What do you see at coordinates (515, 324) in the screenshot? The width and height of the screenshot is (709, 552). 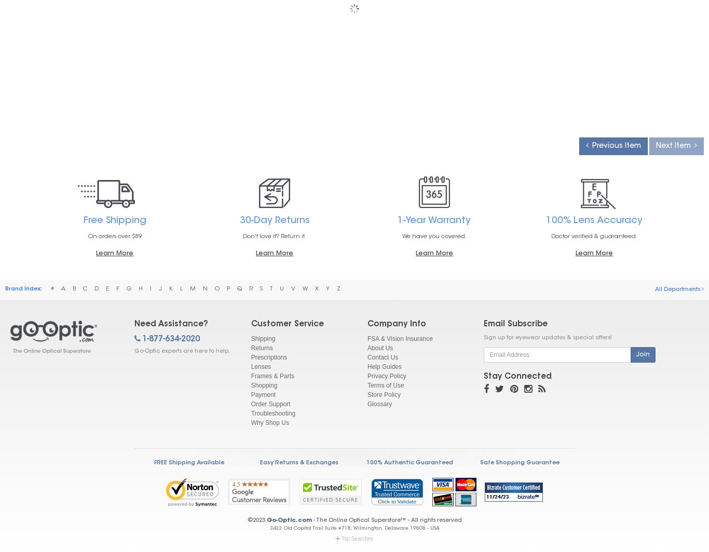 I see `'Email Subscribe'` at bounding box center [515, 324].